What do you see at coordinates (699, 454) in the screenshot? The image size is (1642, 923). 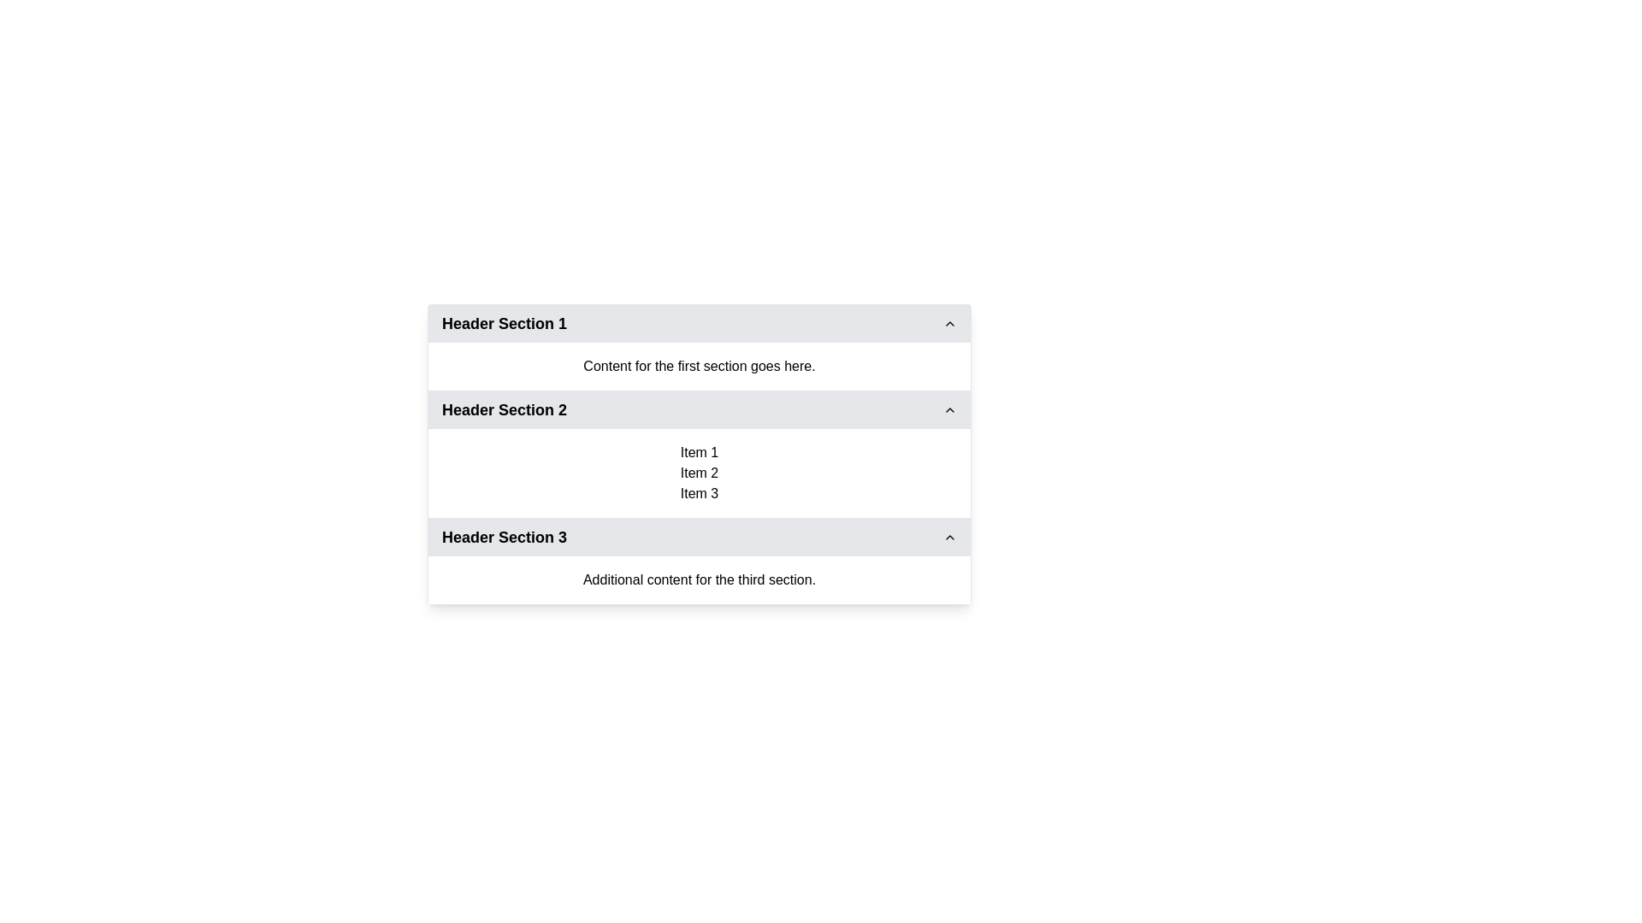 I see `individual items within the list of the collapsible section header located between 'Header Section 1' and 'Header Section 3'` at bounding box center [699, 454].